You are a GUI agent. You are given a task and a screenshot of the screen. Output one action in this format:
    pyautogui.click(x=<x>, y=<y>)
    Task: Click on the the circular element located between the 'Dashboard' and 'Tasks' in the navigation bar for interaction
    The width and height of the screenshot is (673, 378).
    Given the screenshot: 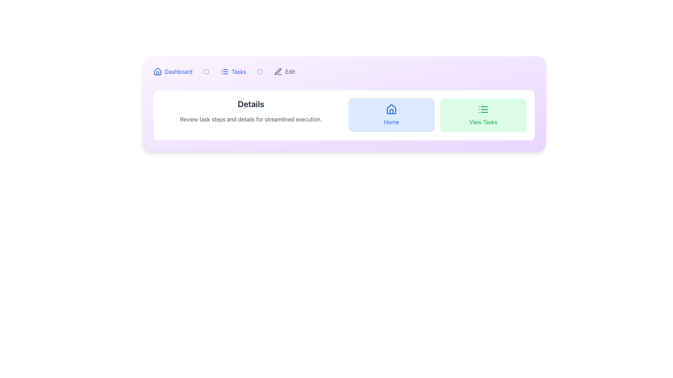 What is the action you would take?
    pyautogui.click(x=206, y=71)
    